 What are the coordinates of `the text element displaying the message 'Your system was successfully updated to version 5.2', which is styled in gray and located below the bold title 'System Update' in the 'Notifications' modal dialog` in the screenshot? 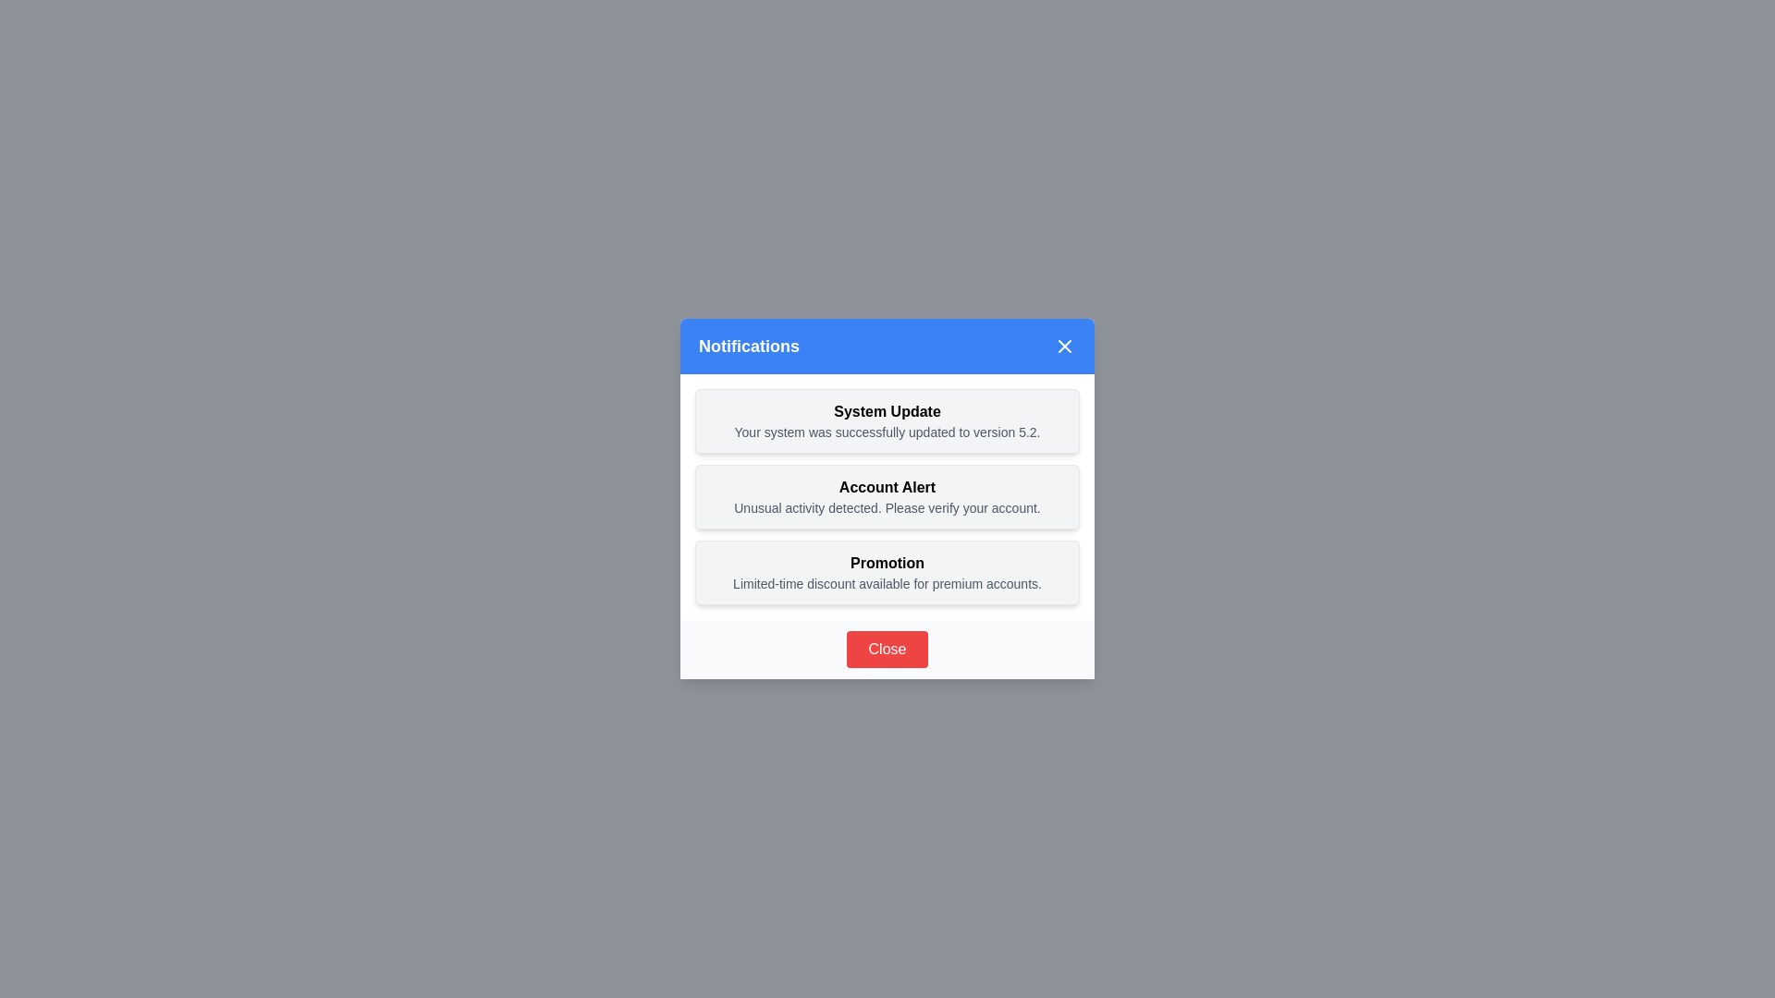 It's located at (887, 432).